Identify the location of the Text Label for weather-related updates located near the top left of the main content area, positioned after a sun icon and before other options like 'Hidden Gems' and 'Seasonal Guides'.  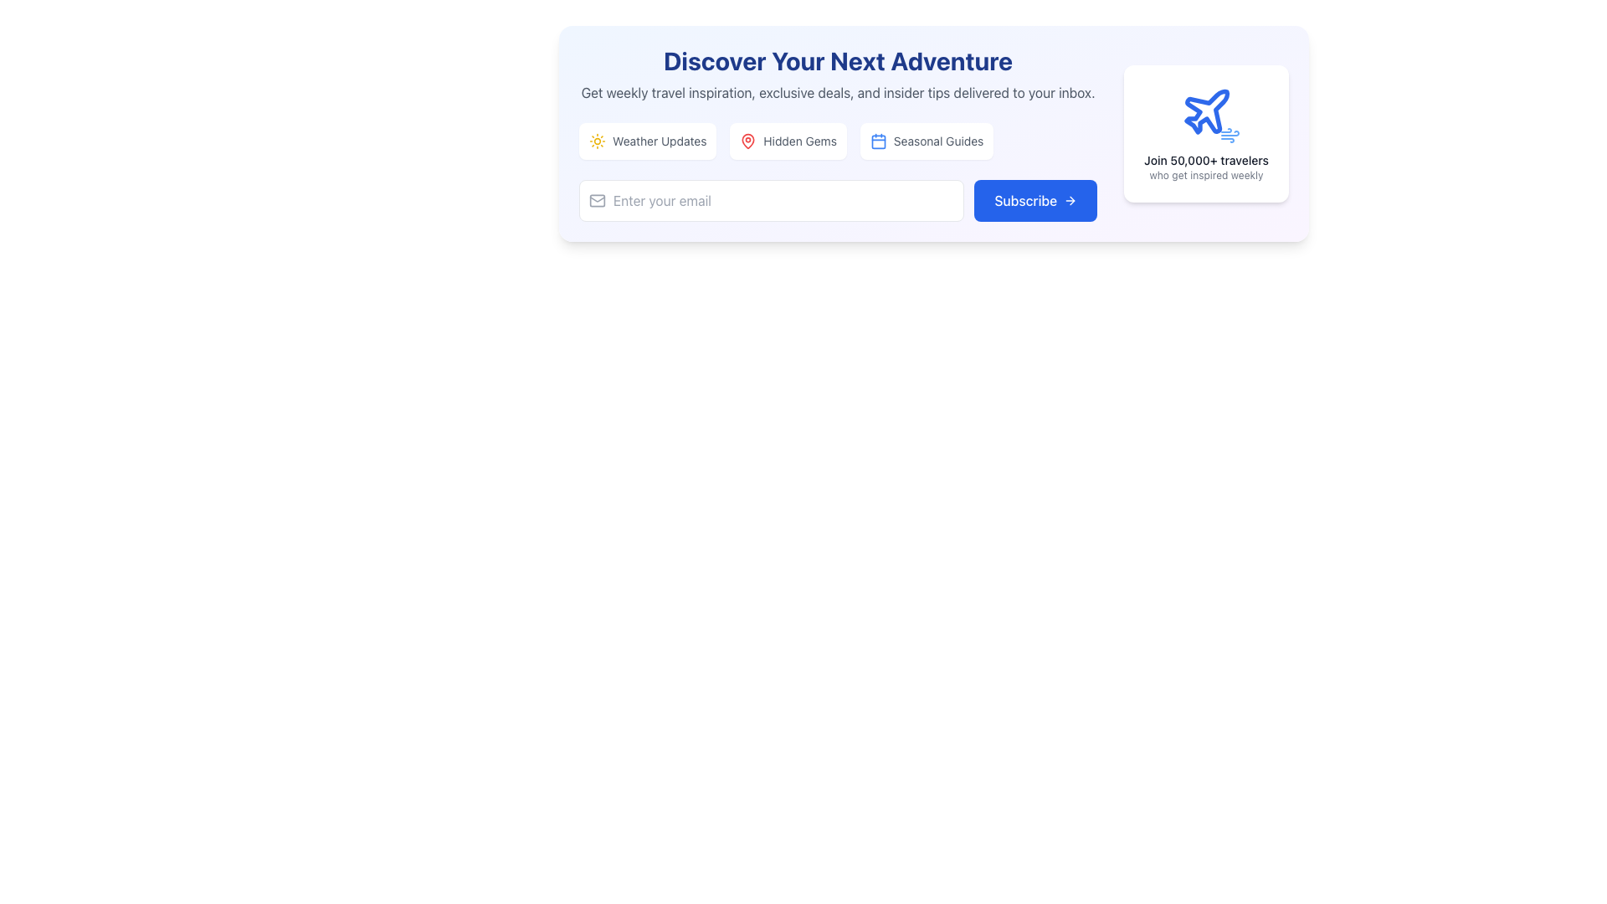
(659, 141).